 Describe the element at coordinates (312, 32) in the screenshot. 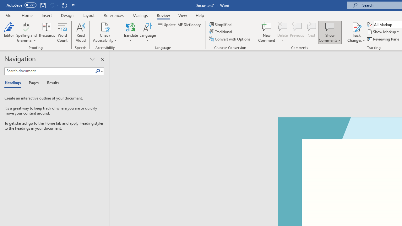

I see `'Next'` at that location.